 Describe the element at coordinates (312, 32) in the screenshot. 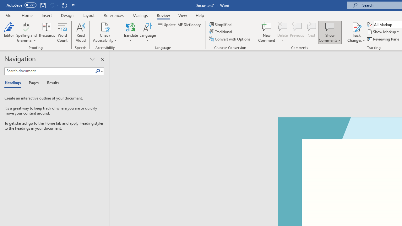

I see `'Next'` at that location.